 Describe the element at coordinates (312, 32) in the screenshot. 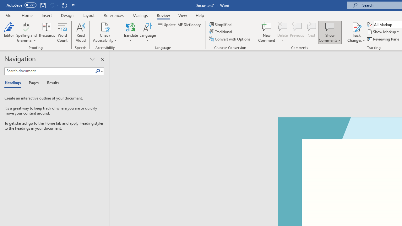

I see `'Next'` at that location.